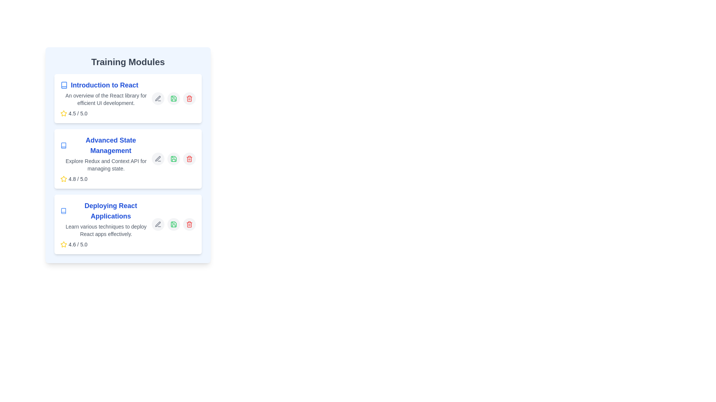 This screenshot has height=402, width=716. Describe the element at coordinates (173, 98) in the screenshot. I see `the green circular button with a document symbol, which is the middle icon in the group of three circular icons in the 'Introduction to React' section` at that location.